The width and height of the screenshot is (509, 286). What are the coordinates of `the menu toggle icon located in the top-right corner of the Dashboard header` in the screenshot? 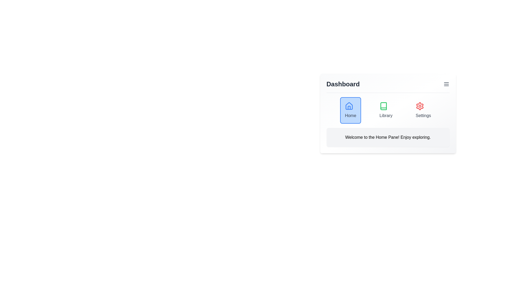 It's located at (446, 84).